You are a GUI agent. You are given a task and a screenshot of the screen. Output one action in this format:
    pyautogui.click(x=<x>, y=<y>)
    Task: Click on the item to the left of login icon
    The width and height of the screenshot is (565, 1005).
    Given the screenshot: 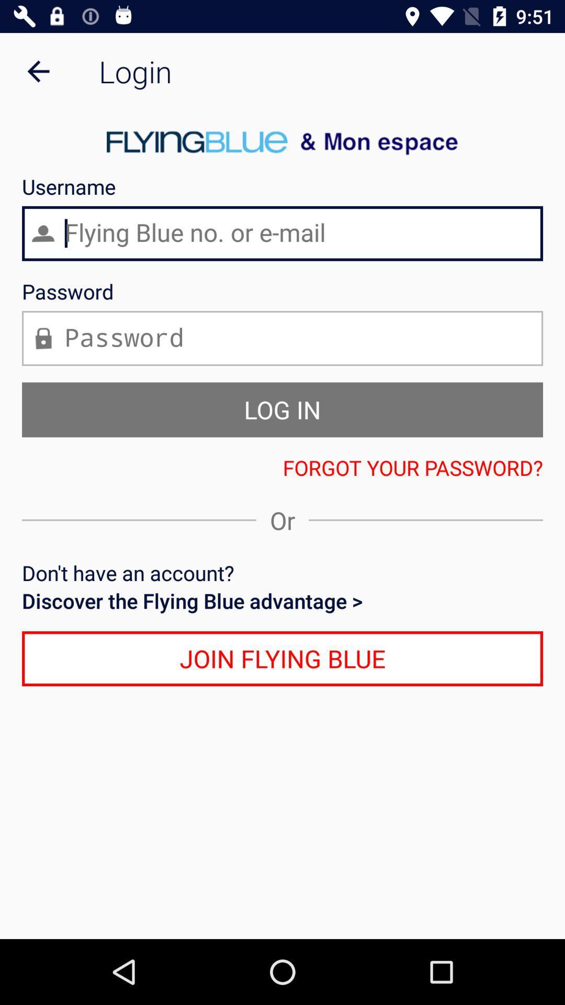 What is the action you would take?
    pyautogui.click(x=38, y=71)
    